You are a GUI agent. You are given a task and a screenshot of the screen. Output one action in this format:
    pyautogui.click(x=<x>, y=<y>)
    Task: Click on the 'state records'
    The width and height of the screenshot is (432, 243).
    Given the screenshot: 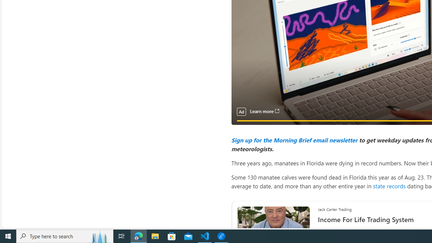 What is the action you would take?
    pyautogui.click(x=389, y=186)
    